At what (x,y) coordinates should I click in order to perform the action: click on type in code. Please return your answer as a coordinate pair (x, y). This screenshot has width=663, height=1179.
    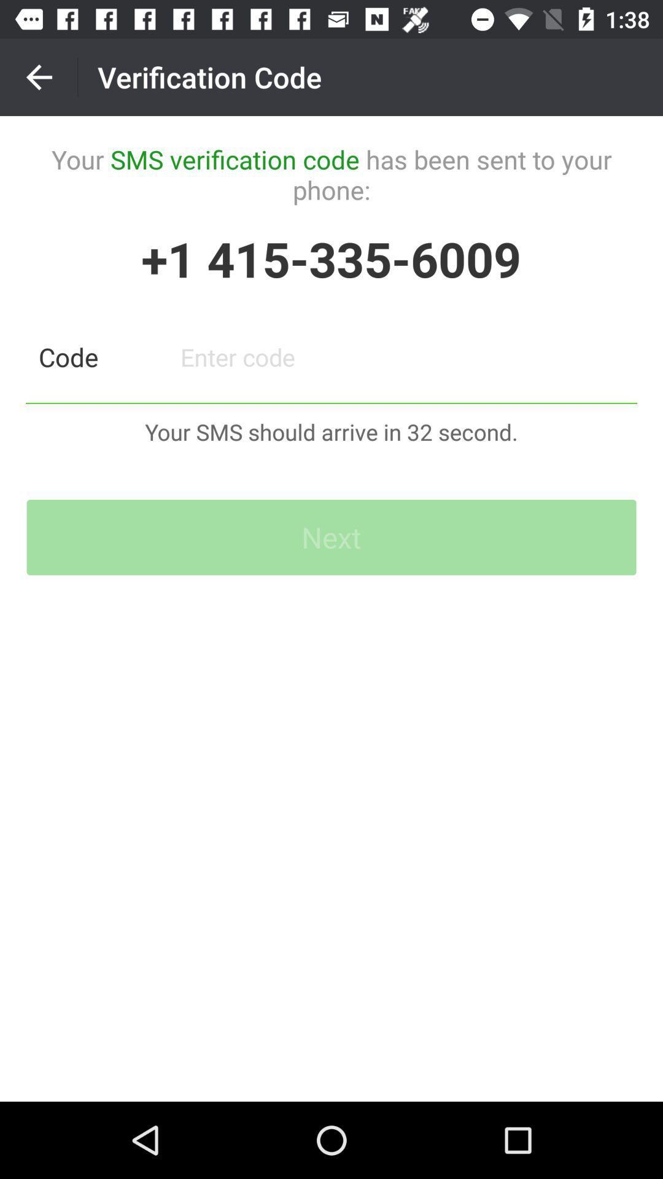
    Looking at the image, I should click on (402, 356).